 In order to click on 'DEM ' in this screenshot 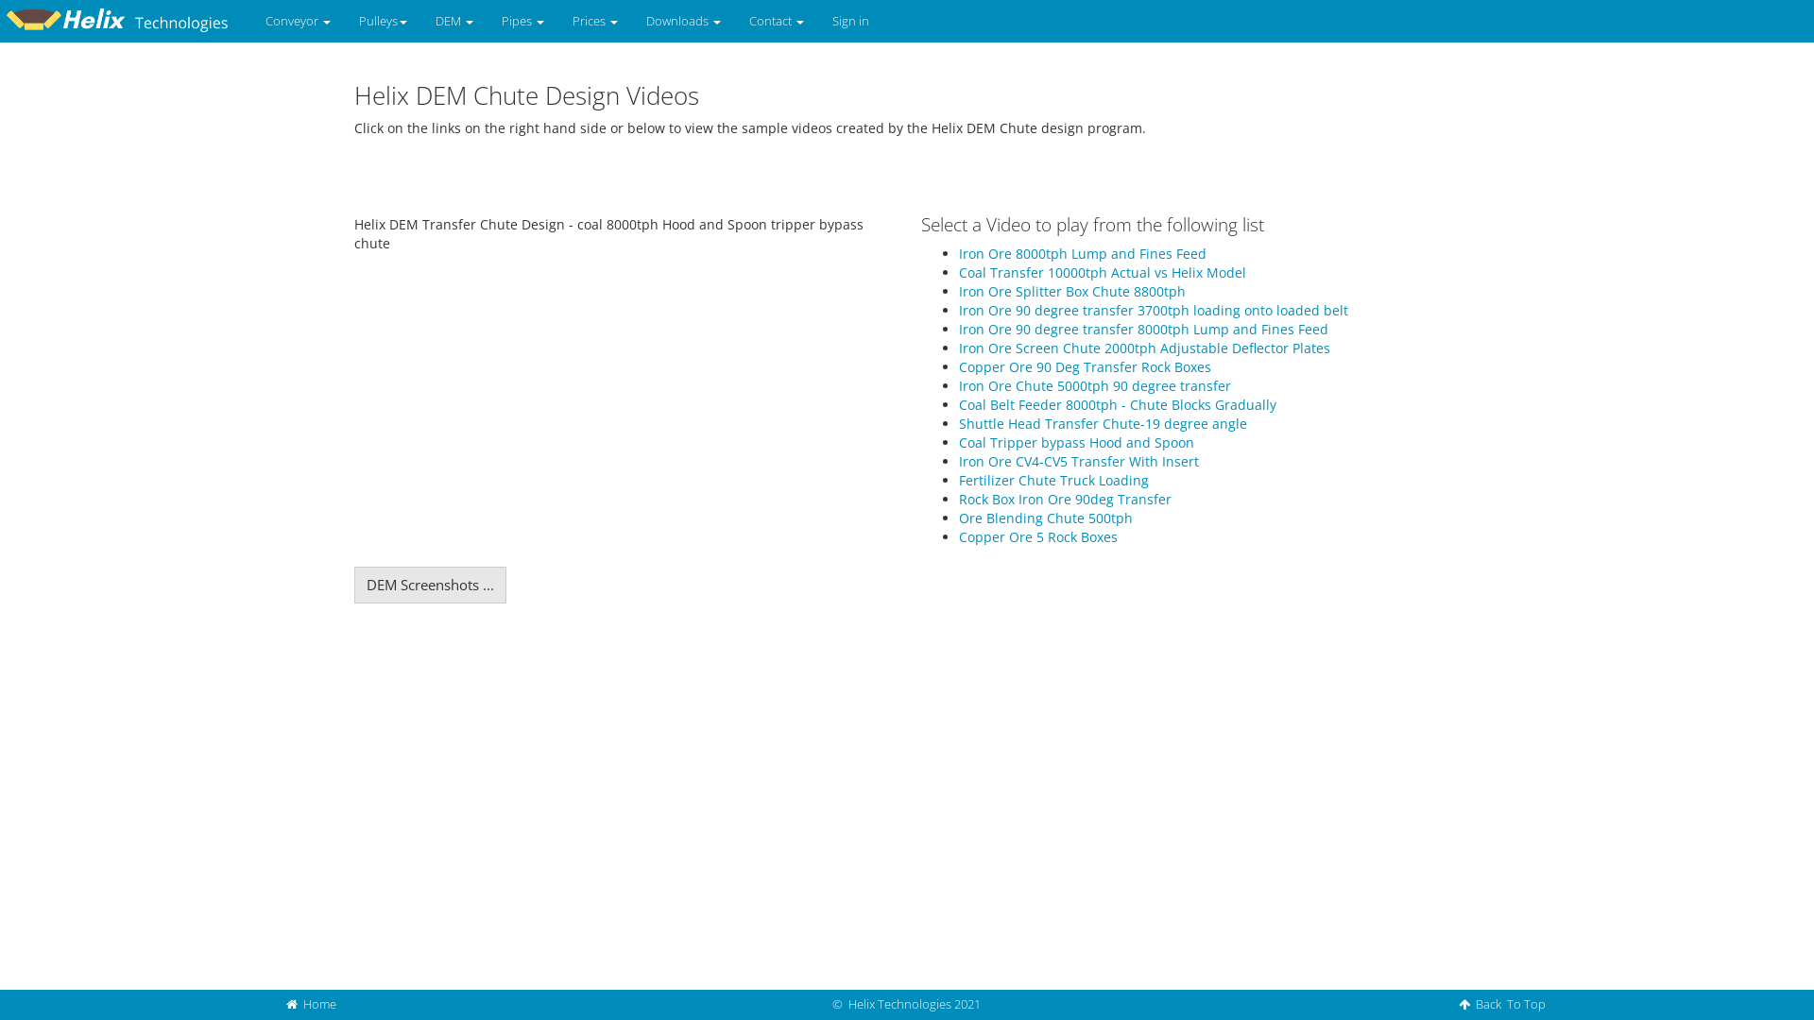, I will do `click(453, 21)`.